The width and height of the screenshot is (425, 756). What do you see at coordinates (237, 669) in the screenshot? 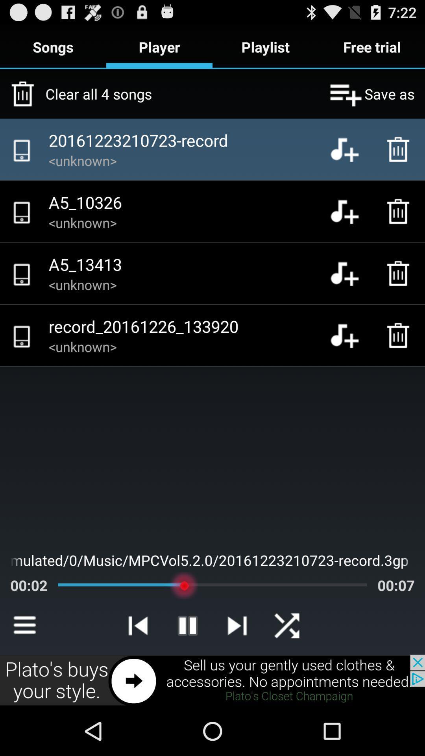
I see `the skip_next icon` at bounding box center [237, 669].